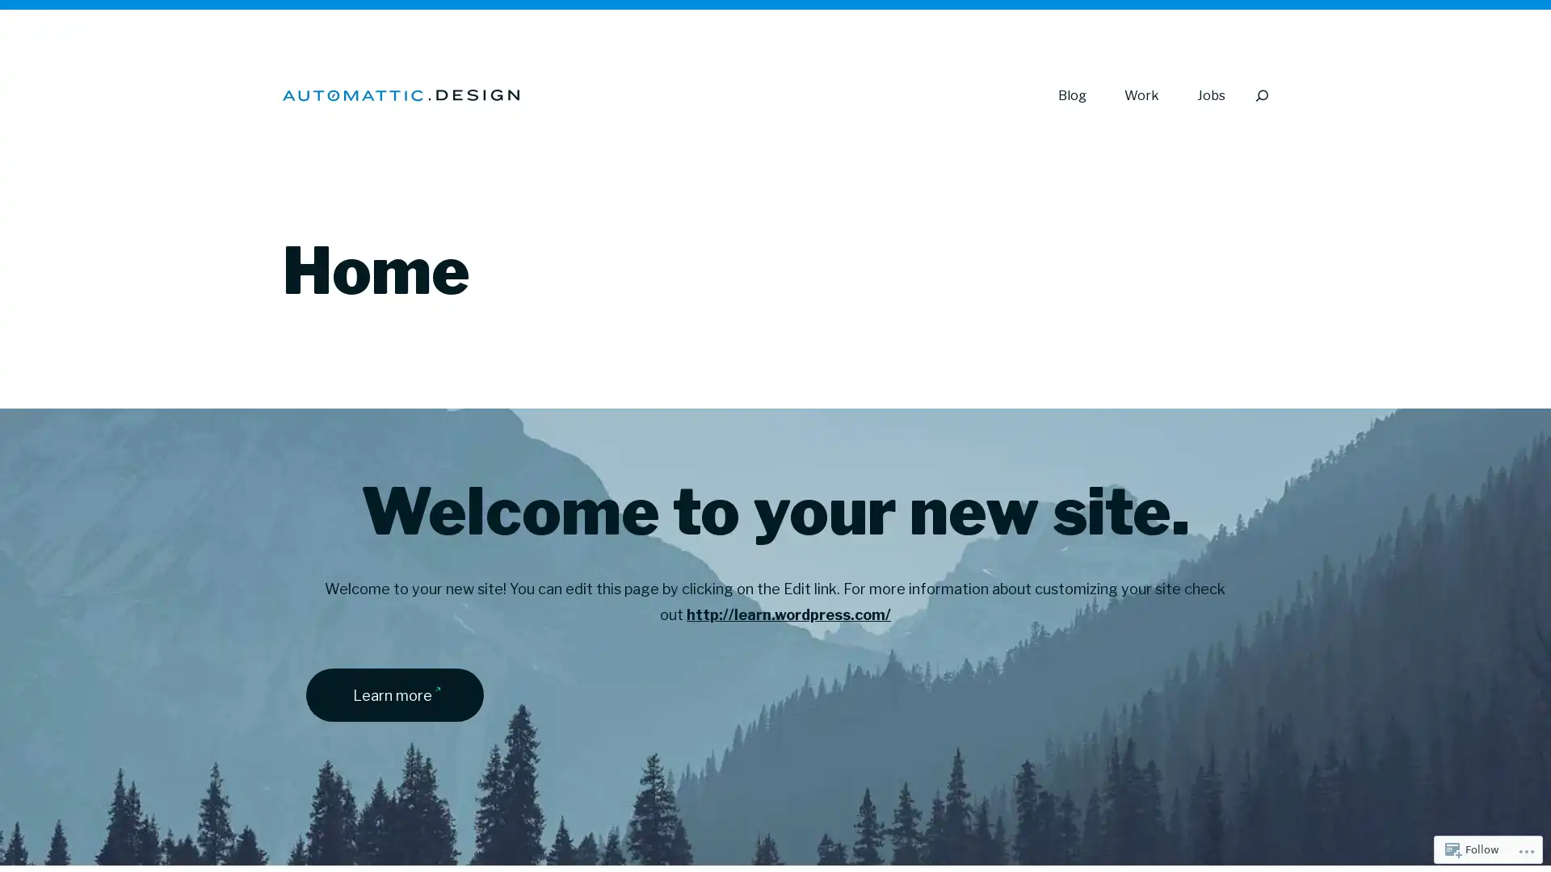  Describe the element at coordinates (1260, 95) in the screenshot. I see `Search` at that location.